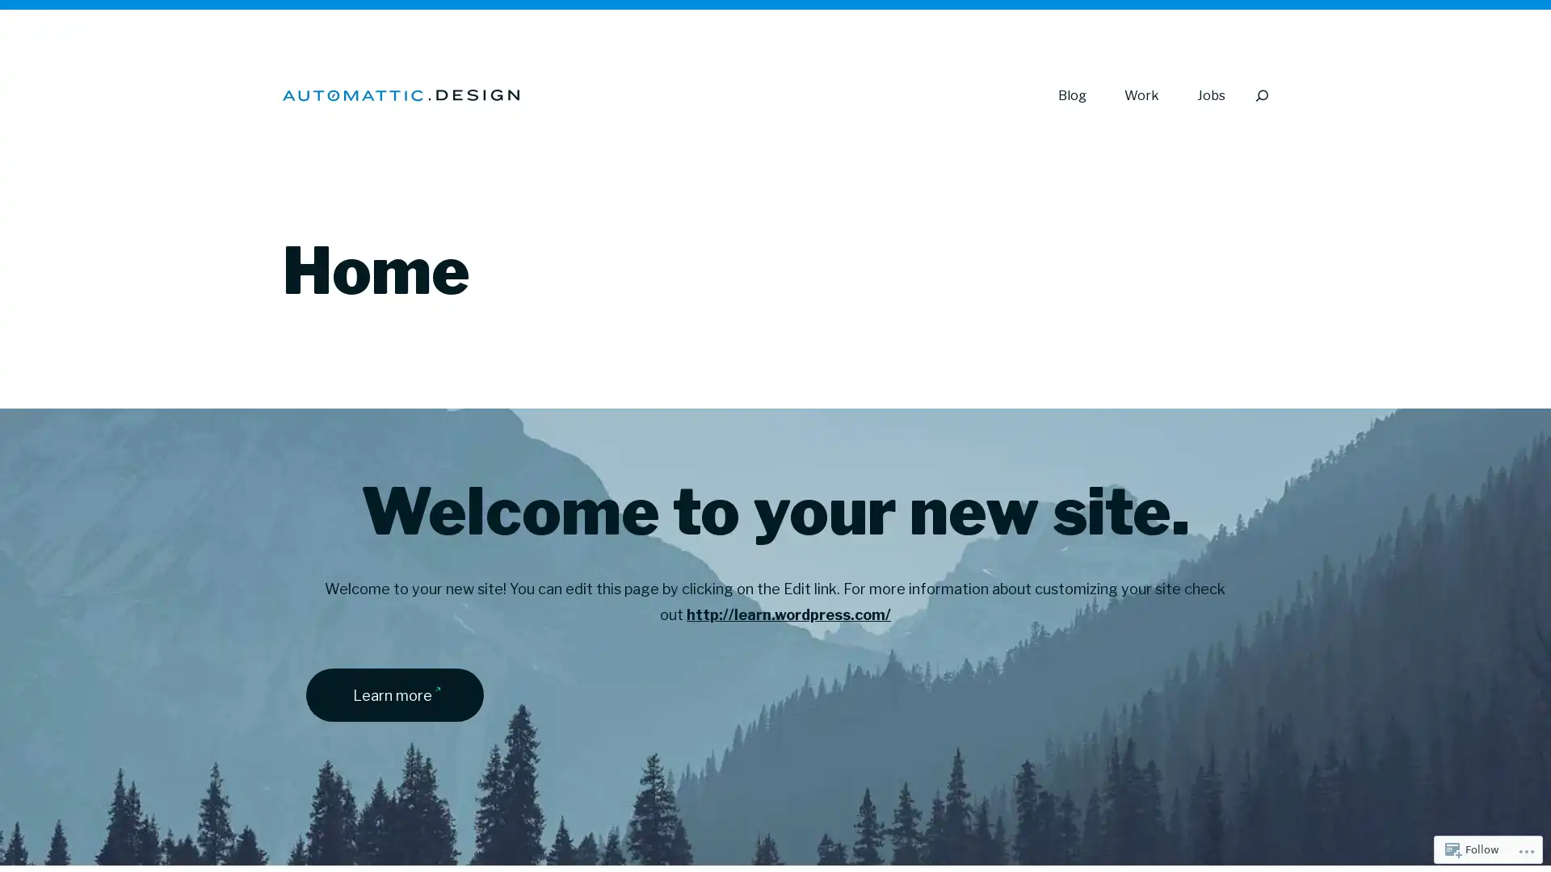  Describe the element at coordinates (1260, 95) in the screenshot. I see `Search` at that location.